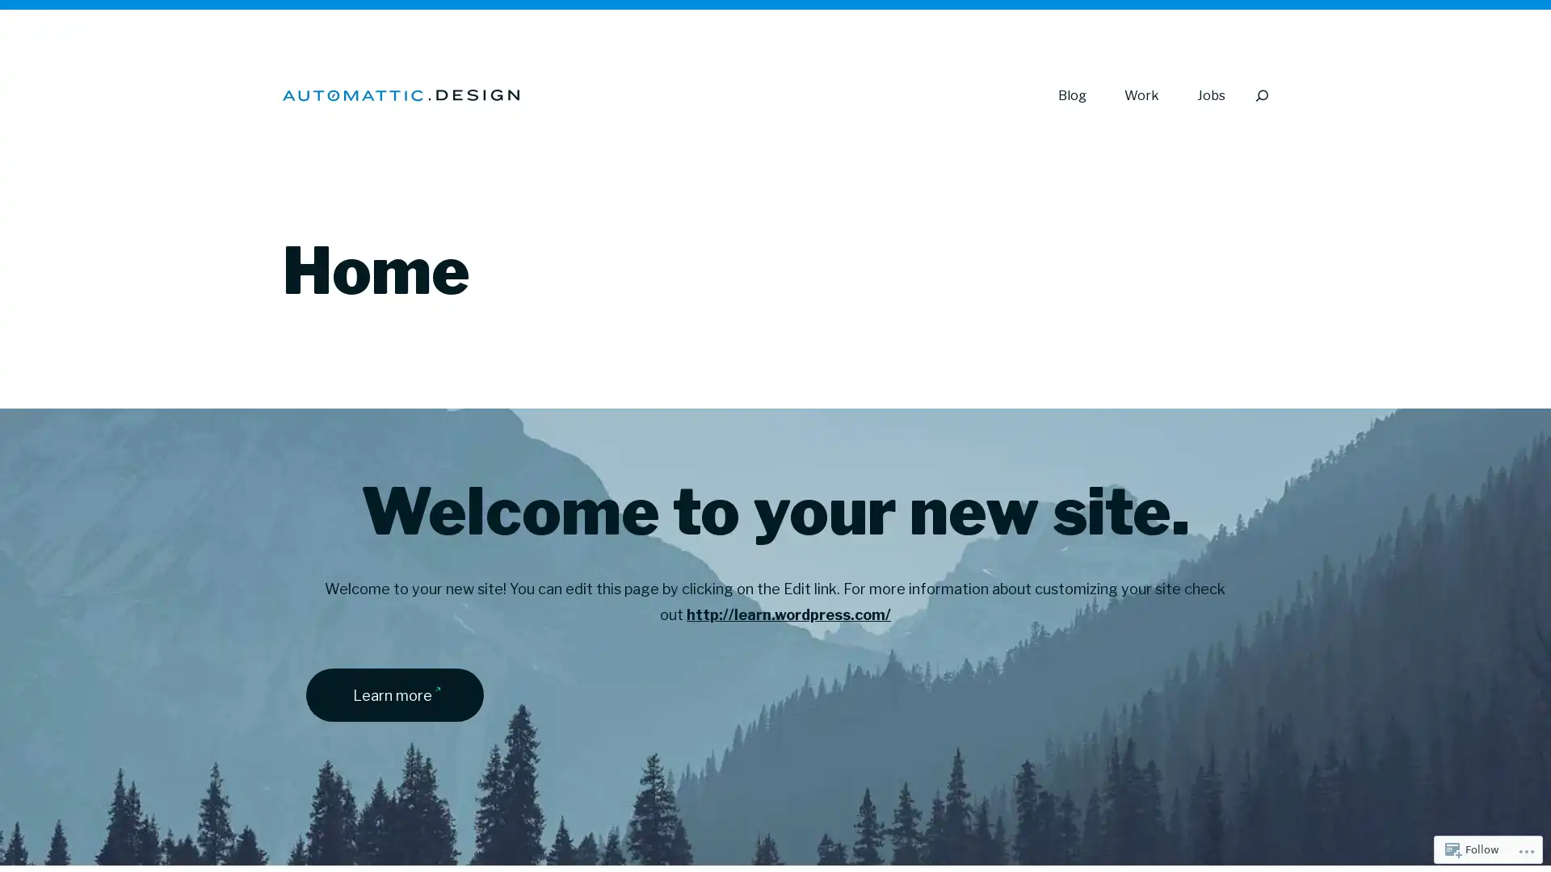  Describe the element at coordinates (1260, 95) in the screenshot. I see `Search` at that location.